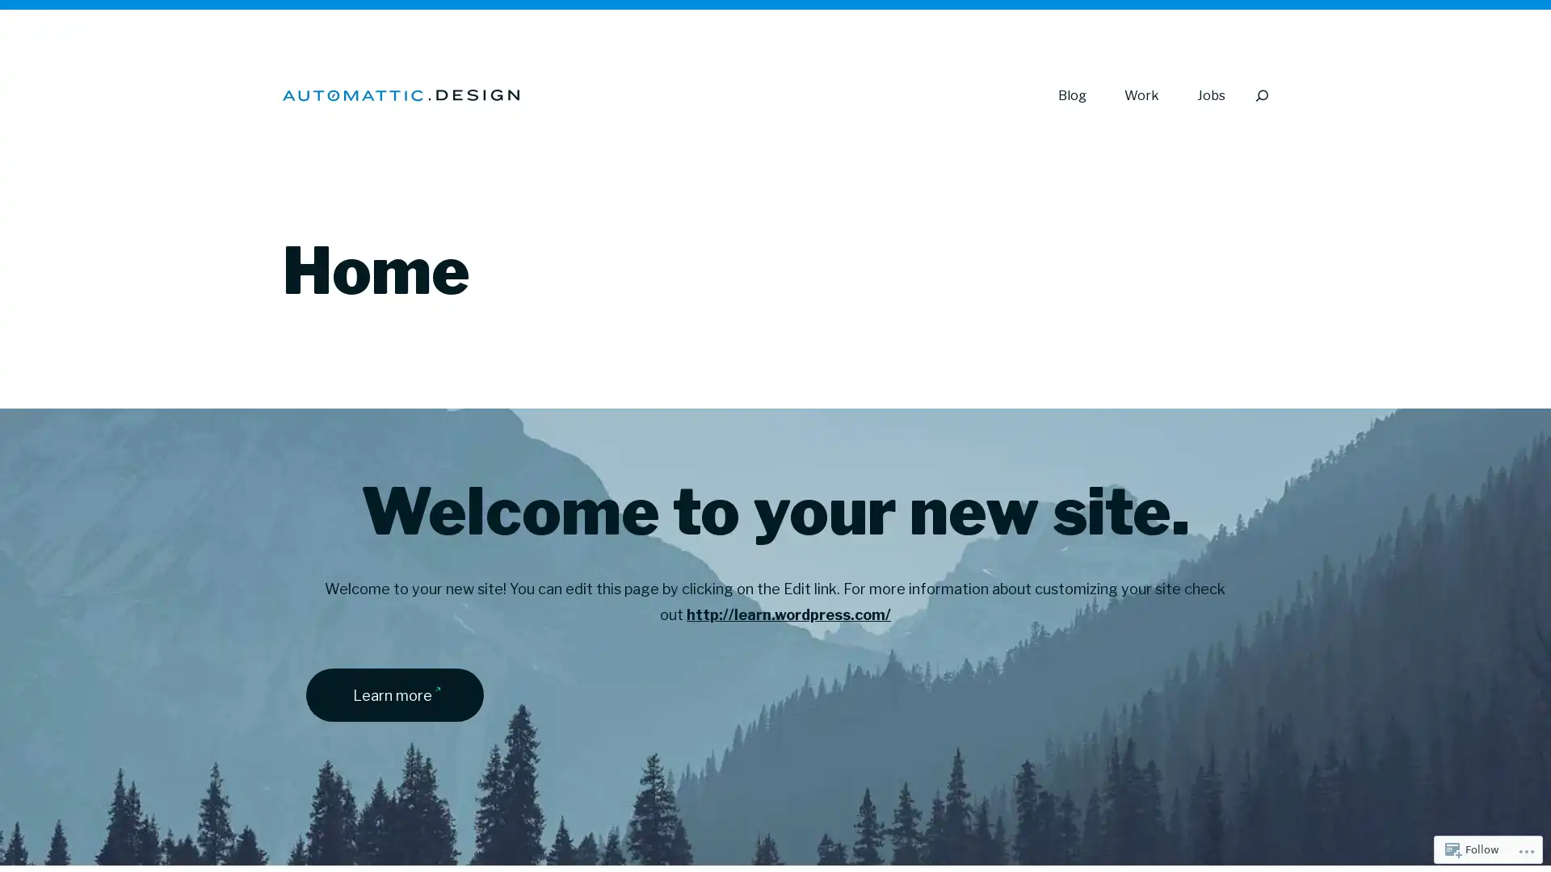  Describe the element at coordinates (1260, 95) in the screenshot. I see `Search` at that location.